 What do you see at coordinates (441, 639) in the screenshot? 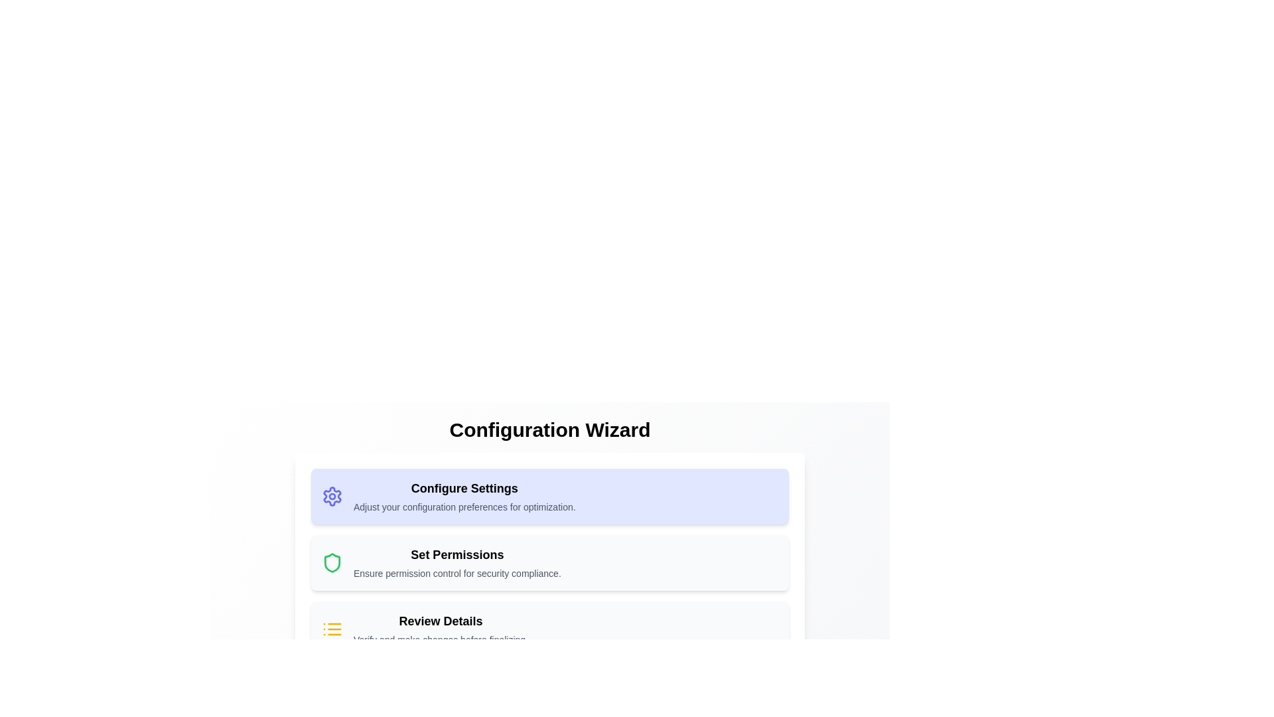
I see `informational text label displaying 'Verify and make changes before finalizing.' located below the 'Review Details' heading` at bounding box center [441, 639].